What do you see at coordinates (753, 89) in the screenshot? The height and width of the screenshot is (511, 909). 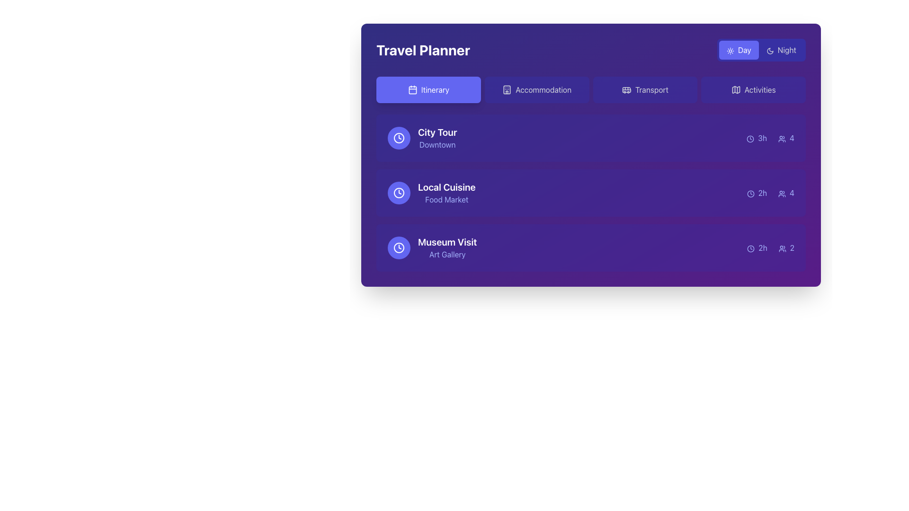 I see `the navigation button for the 'Activities' section, which is the last button in a horizontal row of navigation options, positioned next to the 'Transport' button` at bounding box center [753, 89].